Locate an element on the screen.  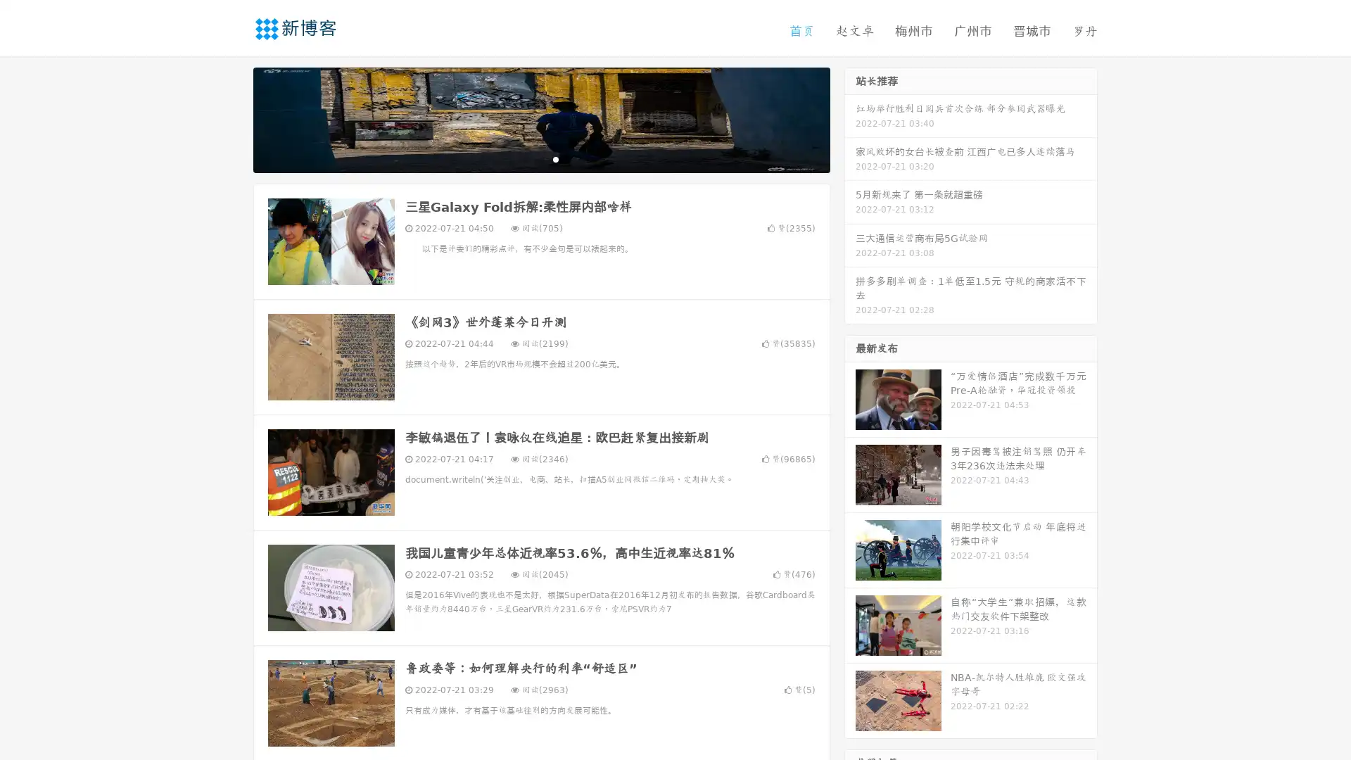
Go to slide 1 is located at coordinates (526, 158).